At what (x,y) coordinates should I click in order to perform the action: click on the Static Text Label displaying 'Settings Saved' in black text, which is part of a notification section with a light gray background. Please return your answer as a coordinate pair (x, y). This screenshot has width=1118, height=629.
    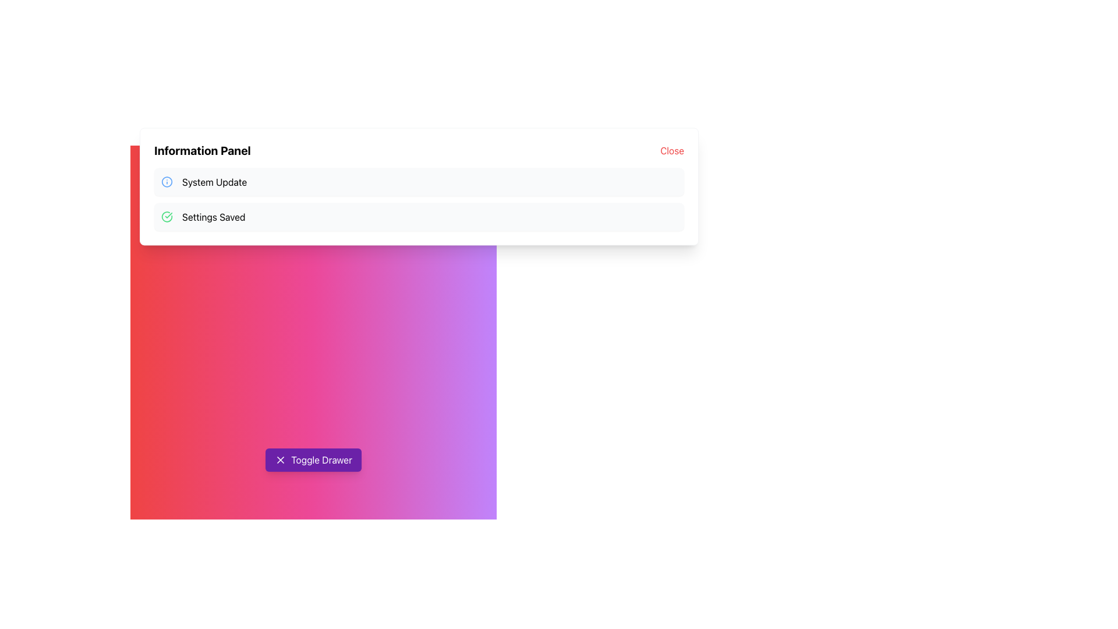
    Looking at the image, I should click on (214, 217).